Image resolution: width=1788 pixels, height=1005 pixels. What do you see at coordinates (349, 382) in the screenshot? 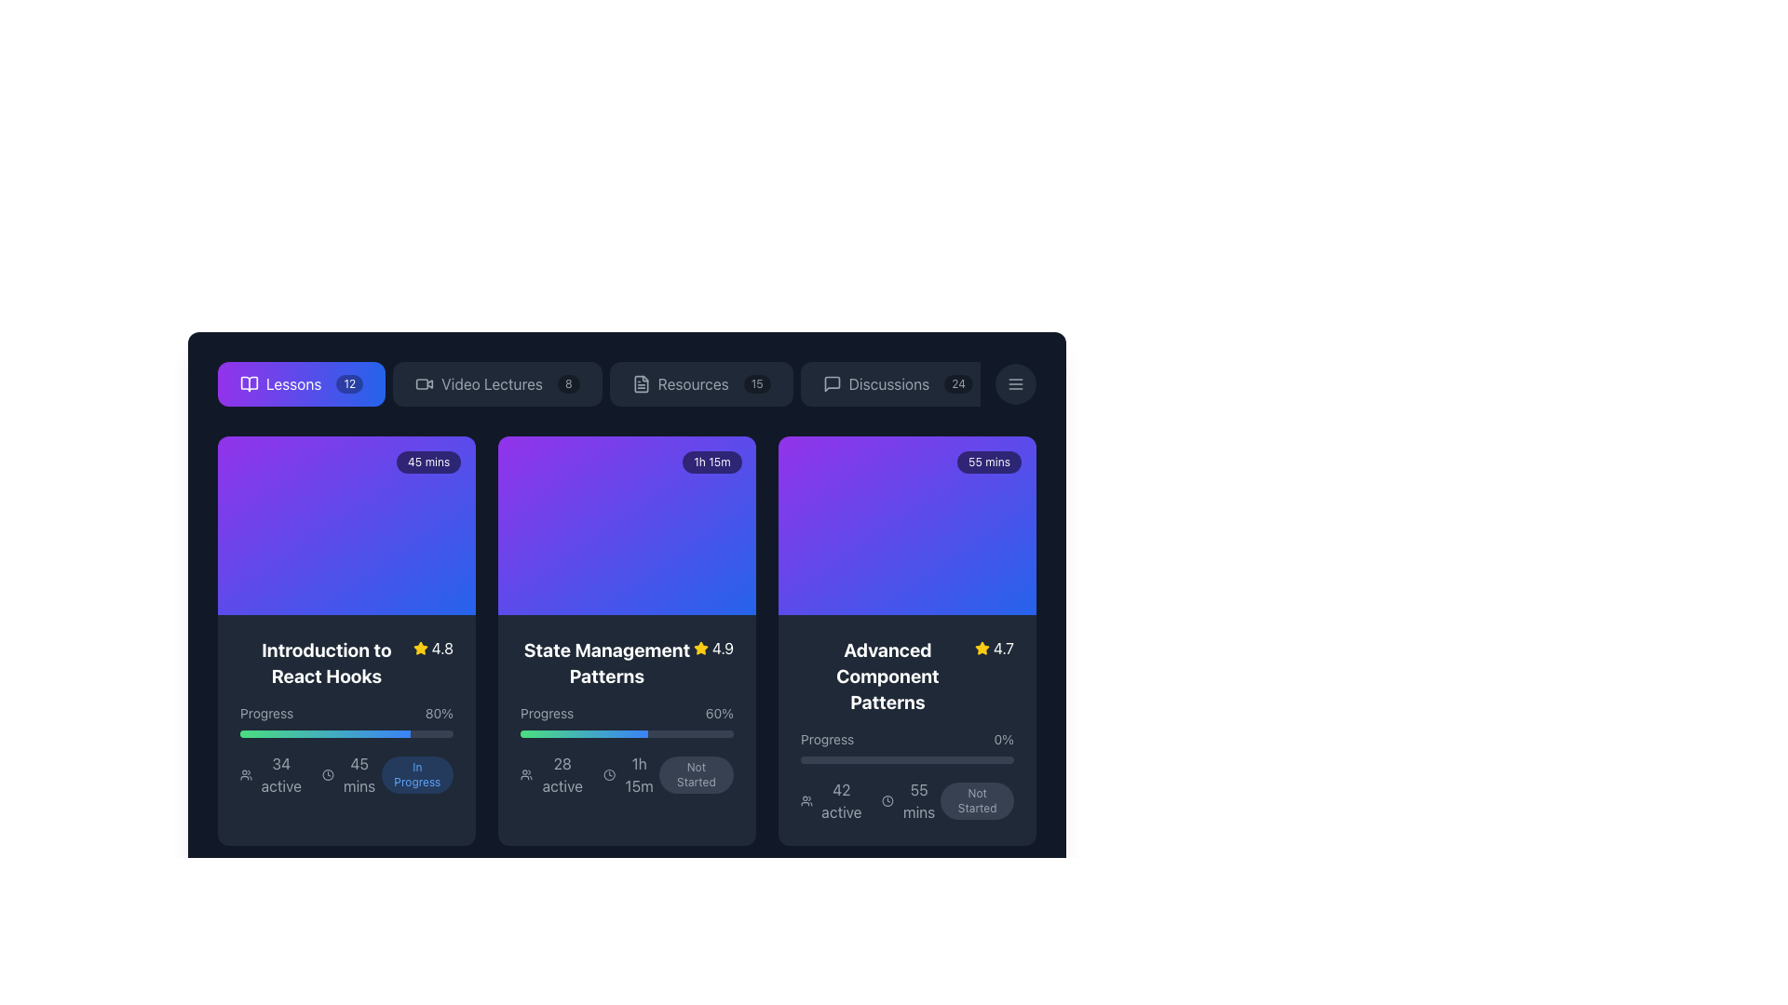
I see `the small pill-shaped label displaying the number '12' in white text with a black transparent background, located within the 'Lessons' section, to the right of its textual label` at bounding box center [349, 382].